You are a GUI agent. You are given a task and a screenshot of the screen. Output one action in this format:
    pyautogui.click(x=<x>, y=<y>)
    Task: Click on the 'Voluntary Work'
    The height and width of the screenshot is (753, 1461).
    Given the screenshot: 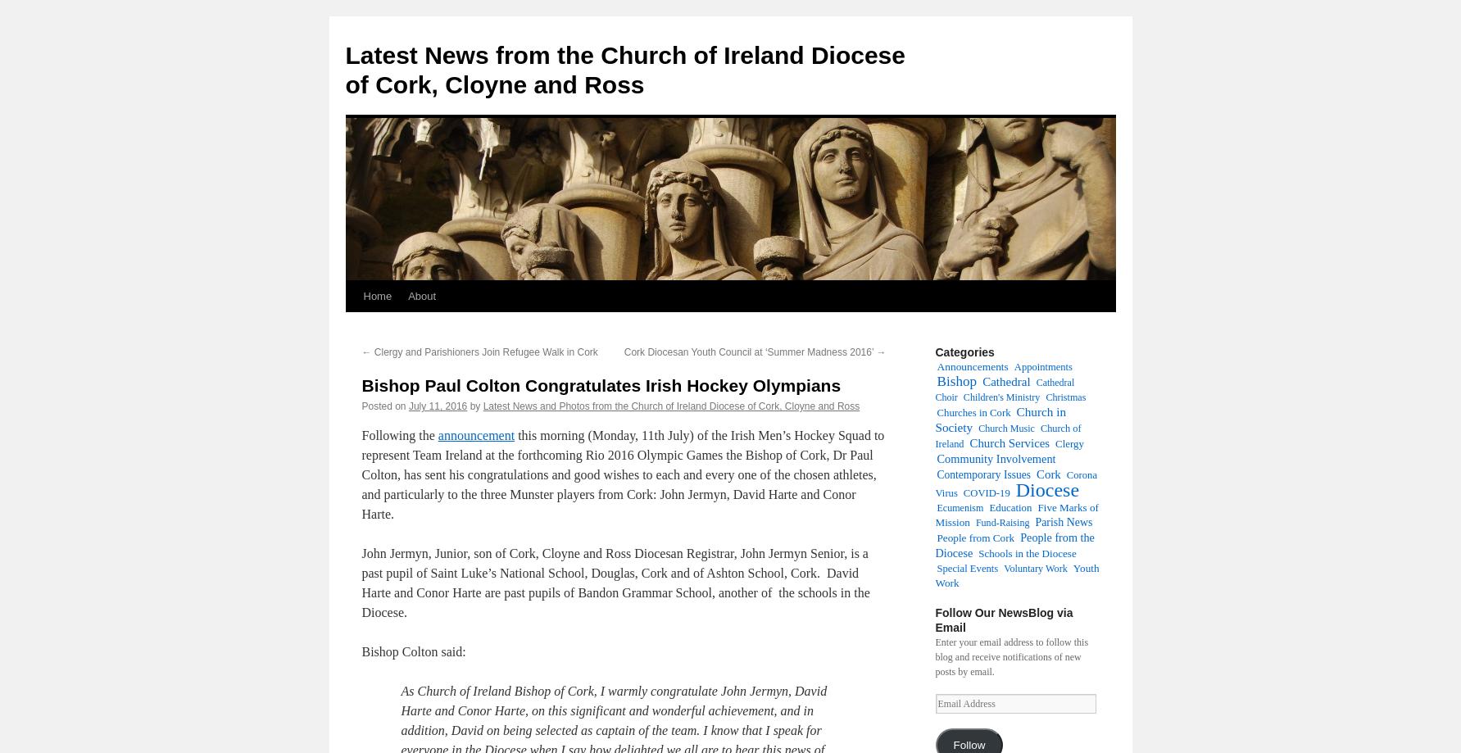 What is the action you would take?
    pyautogui.click(x=1003, y=568)
    